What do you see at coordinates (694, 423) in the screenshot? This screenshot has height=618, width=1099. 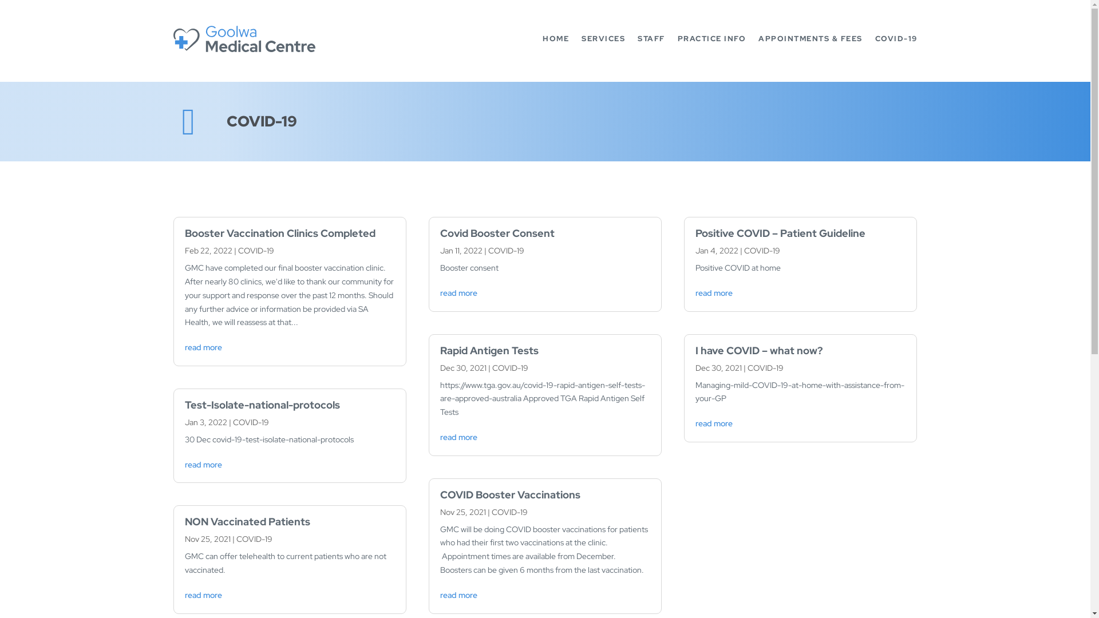 I see `'read more'` at bounding box center [694, 423].